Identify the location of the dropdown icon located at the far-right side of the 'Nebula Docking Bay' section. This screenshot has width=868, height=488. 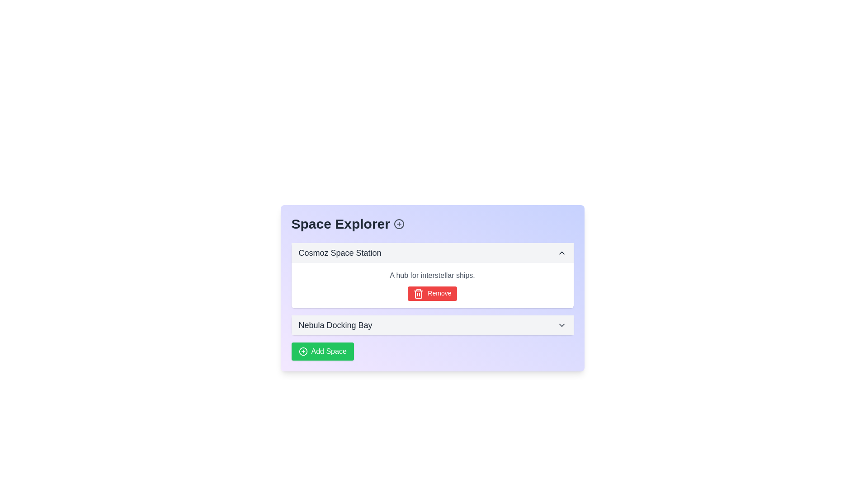
(561, 325).